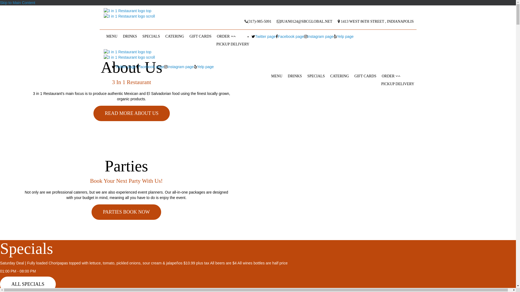 Image resolution: width=520 pixels, height=292 pixels. Describe the element at coordinates (339, 76) in the screenshot. I see `'CATERING'` at that location.